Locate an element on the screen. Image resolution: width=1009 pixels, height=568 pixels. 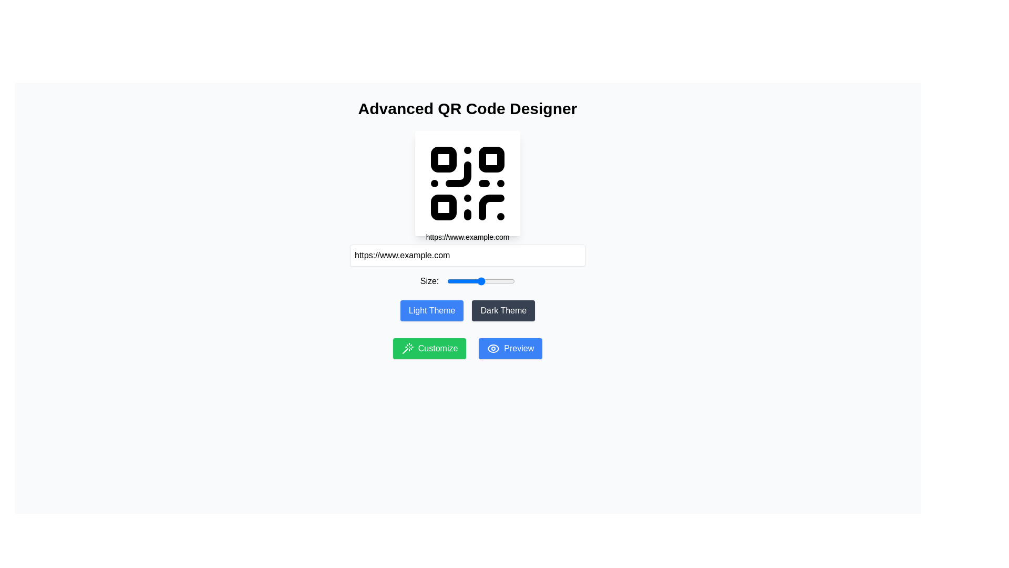
the size is located at coordinates (469, 281).